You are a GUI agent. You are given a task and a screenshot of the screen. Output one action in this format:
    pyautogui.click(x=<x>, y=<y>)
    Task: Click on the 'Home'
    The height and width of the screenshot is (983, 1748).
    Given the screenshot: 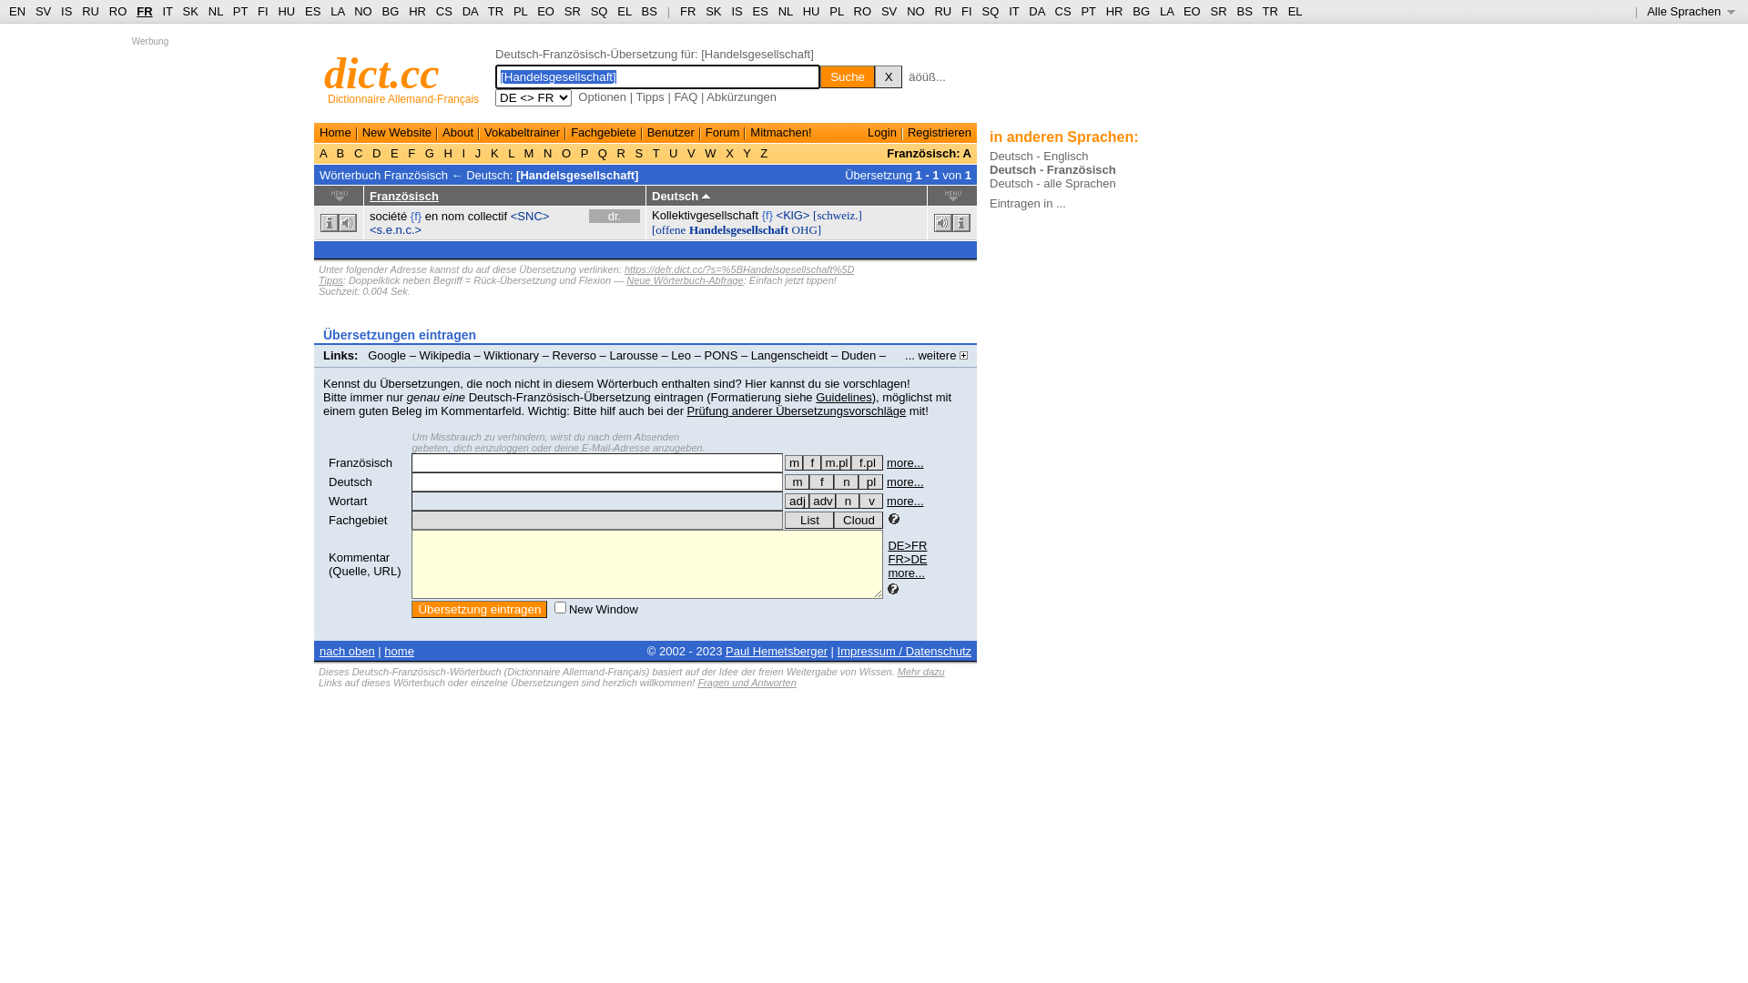 What is the action you would take?
    pyautogui.click(x=335, y=131)
    